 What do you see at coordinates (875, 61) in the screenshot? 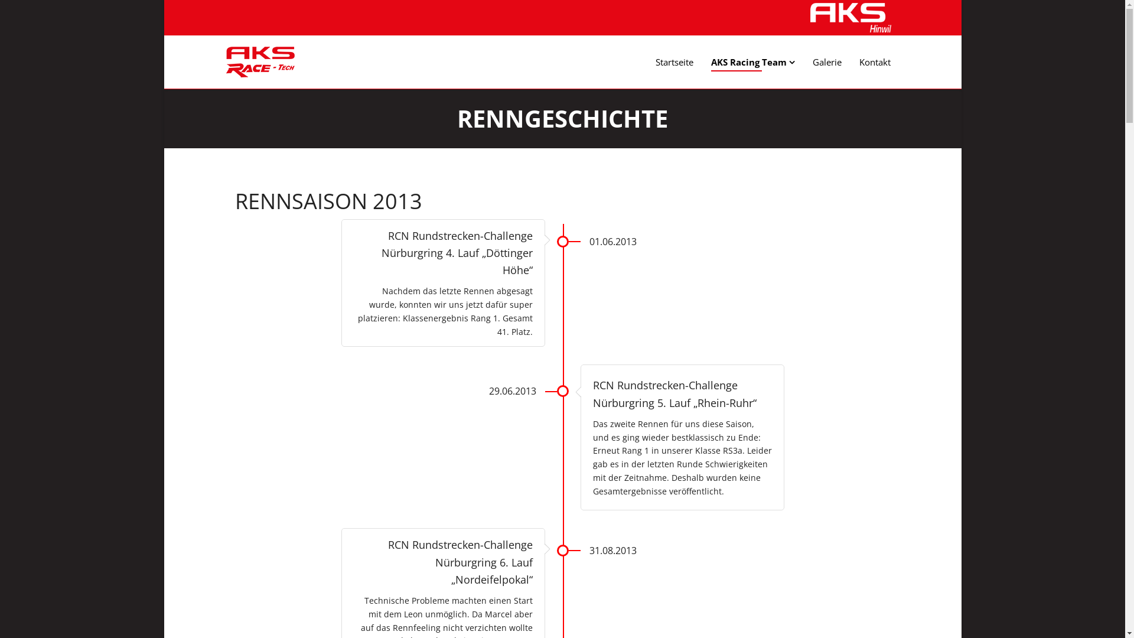
I see `'Kontakt'` at bounding box center [875, 61].